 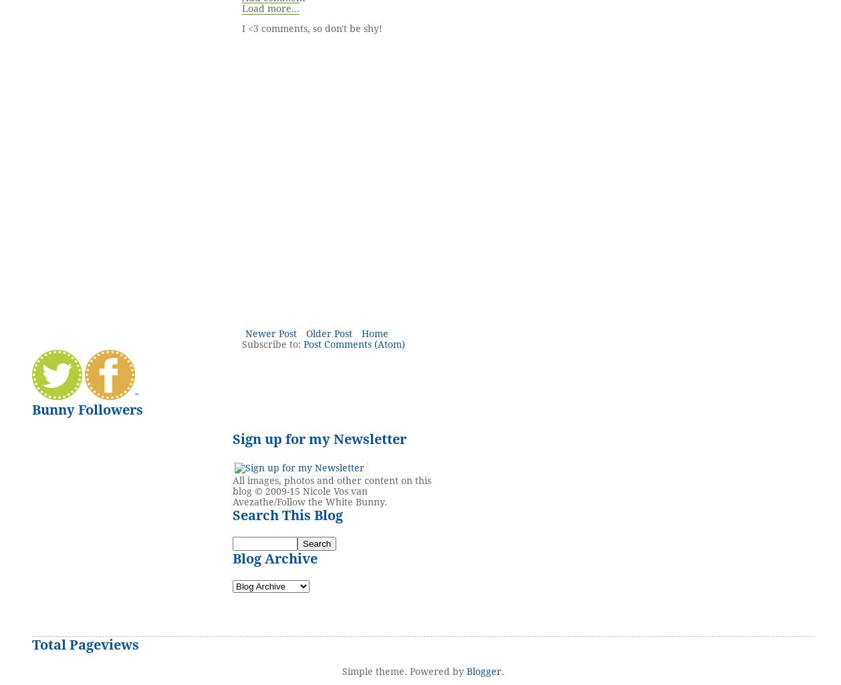 I want to click on 'Blog Archive', so click(x=274, y=559).